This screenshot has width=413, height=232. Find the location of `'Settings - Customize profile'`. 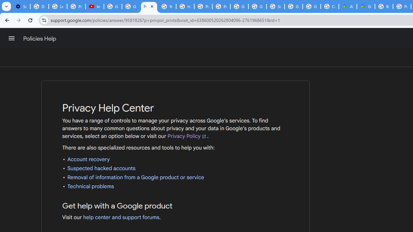

'Settings - Customize profile' is located at coordinates (21, 6).